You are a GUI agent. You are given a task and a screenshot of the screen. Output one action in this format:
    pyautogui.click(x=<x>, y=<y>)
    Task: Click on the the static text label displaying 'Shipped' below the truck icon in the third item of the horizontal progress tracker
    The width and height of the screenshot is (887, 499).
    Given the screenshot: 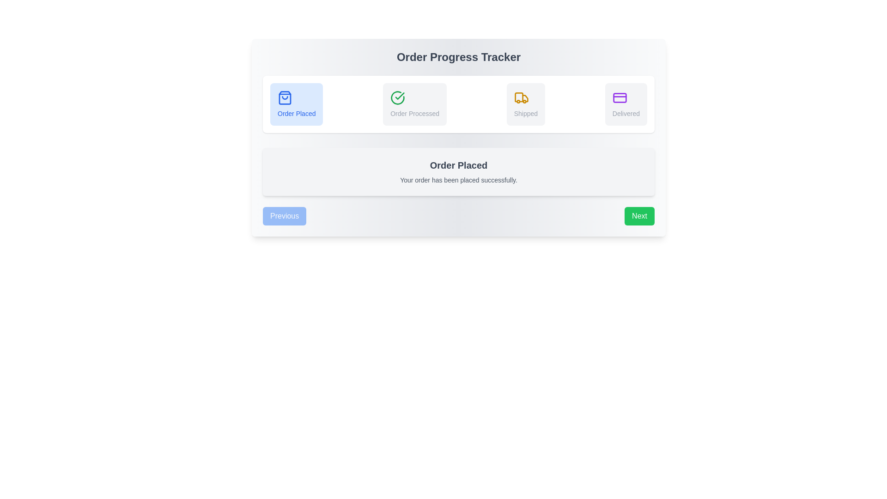 What is the action you would take?
    pyautogui.click(x=526, y=113)
    